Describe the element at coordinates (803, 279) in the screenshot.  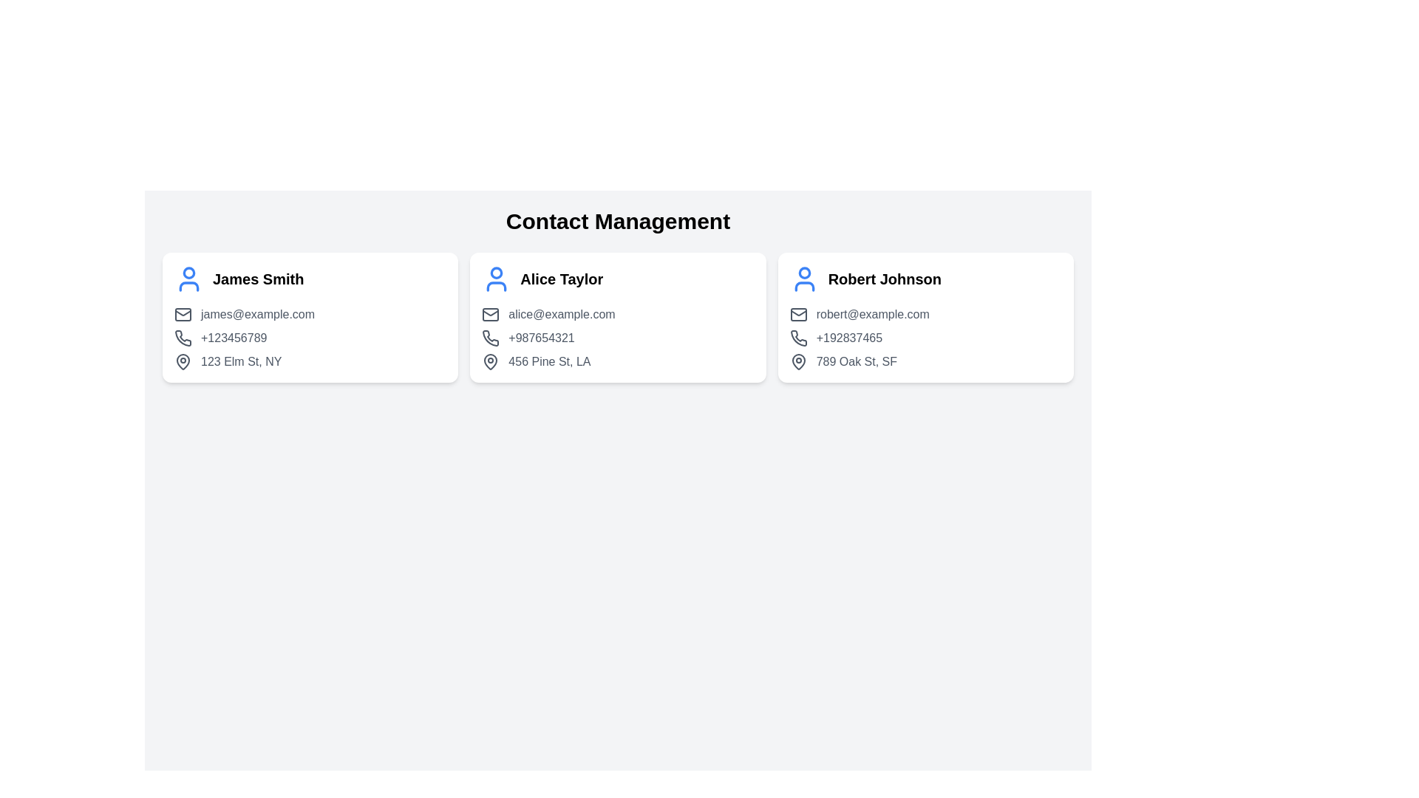
I see `the icon representing the individual associated with the contact card for 'Robert Johnson', located in the upper-left corner of the card` at that location.